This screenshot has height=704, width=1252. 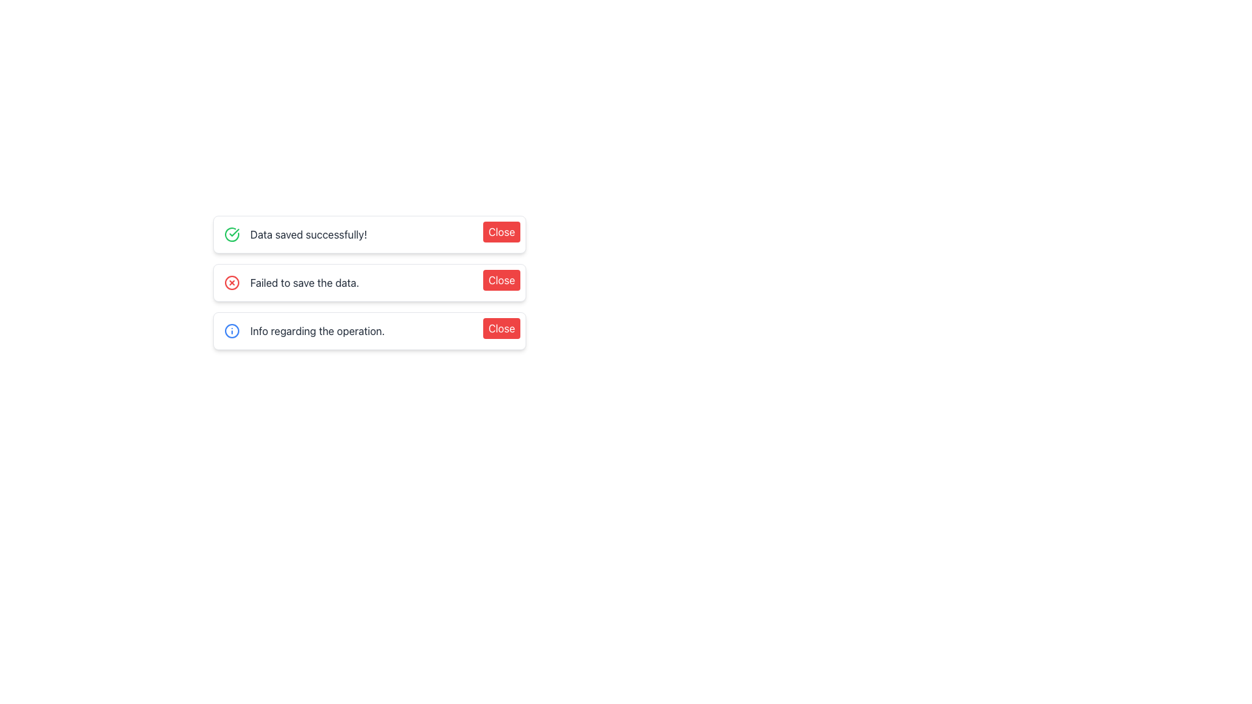 What do you see at coordinates (501, 279) in the screenshot?
I see `the dismiss button located in the top-right corner of the notification card that reads 'Failed to save the data.'` at bounding box center [501, 279].